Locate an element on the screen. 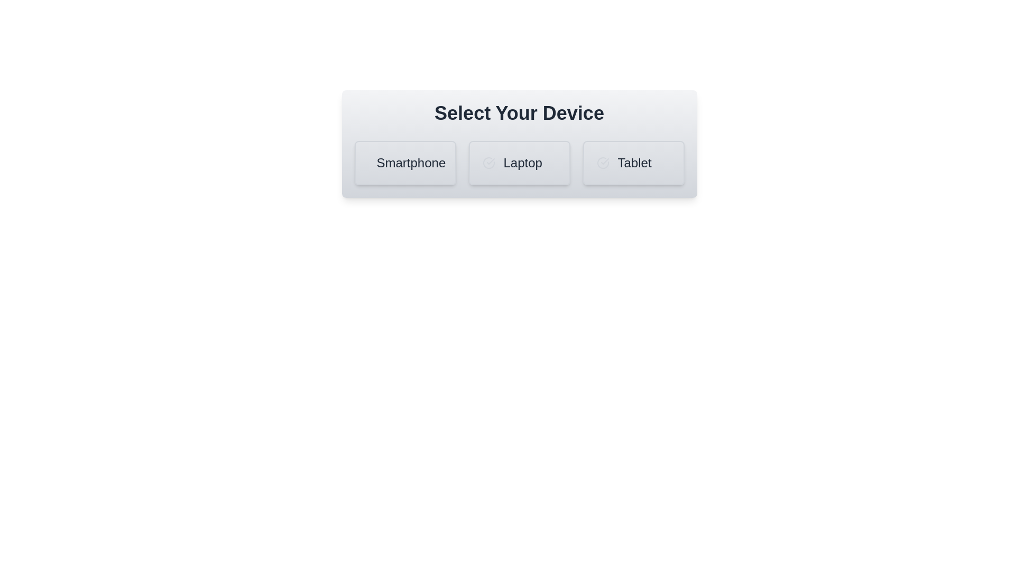  the 'Tablet' radio button is located at coordinates (633, 163).